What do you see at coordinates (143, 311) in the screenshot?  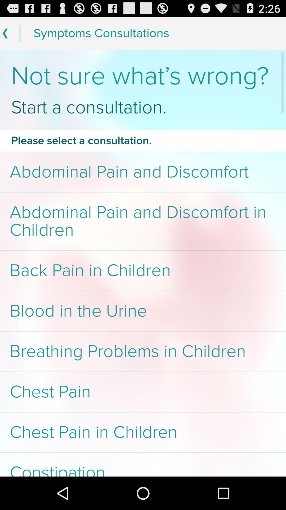 I see `the icon below the back pain in` at bounding box center [143, 311].